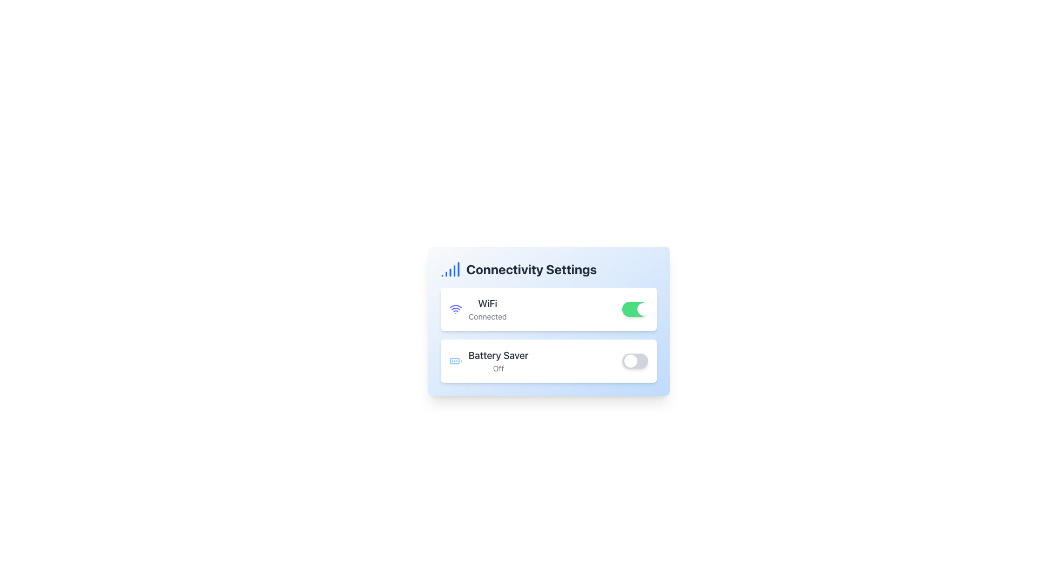 This screenshot has width=1037, height=583. What do you see at coordinates (548, 361) in the screenshot?
I see `the List Item with Toggle Component labeled 'Battery Saver'` at bounding box center [548, 361].